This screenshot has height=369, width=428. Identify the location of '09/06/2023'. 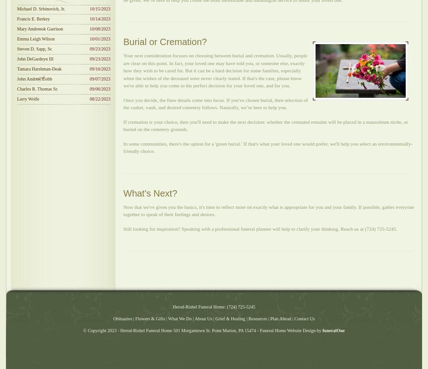
(89, 89).